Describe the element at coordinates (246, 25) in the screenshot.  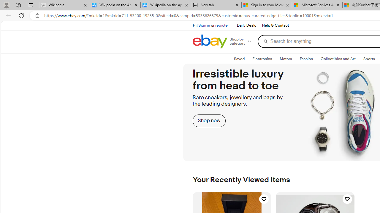
I see `'Daily Deals'` at that location.